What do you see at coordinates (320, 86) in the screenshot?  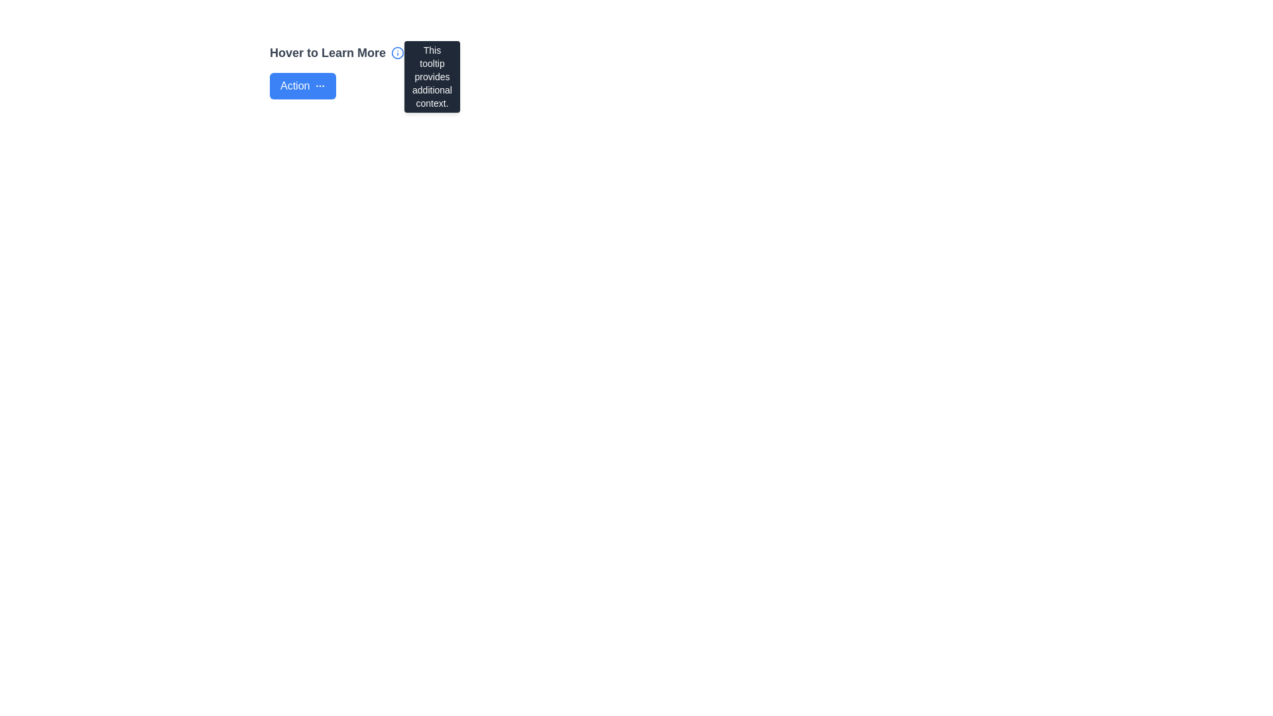 I see `the Ellipsis icon, which is a small icon with three aligned dots located to the right of the 'Action' button` at bounding box center [320, 86].